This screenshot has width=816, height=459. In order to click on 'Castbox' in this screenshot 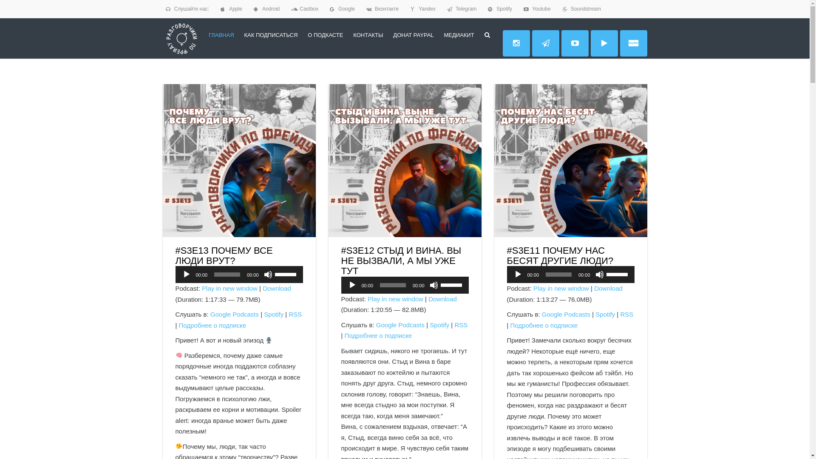, I will do `click(308, 8)`.